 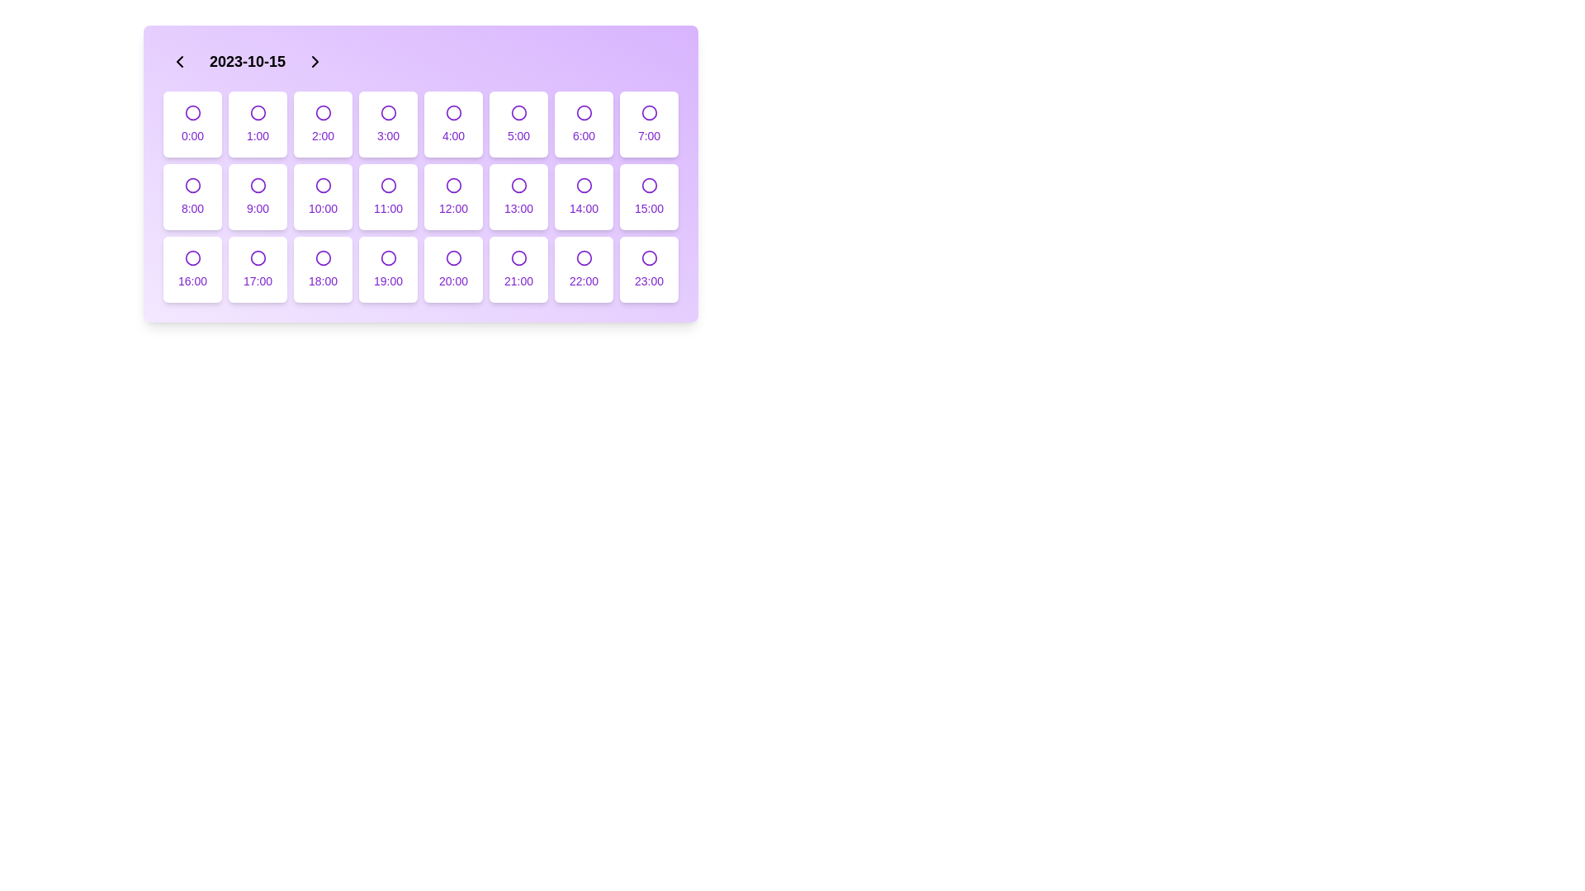 What do you see at coordinates (648, 185) in the screenshot?
I see `the circular Indicator icon with a purple border inside the button labeled '15:00'` at bounding box center [648, 185].